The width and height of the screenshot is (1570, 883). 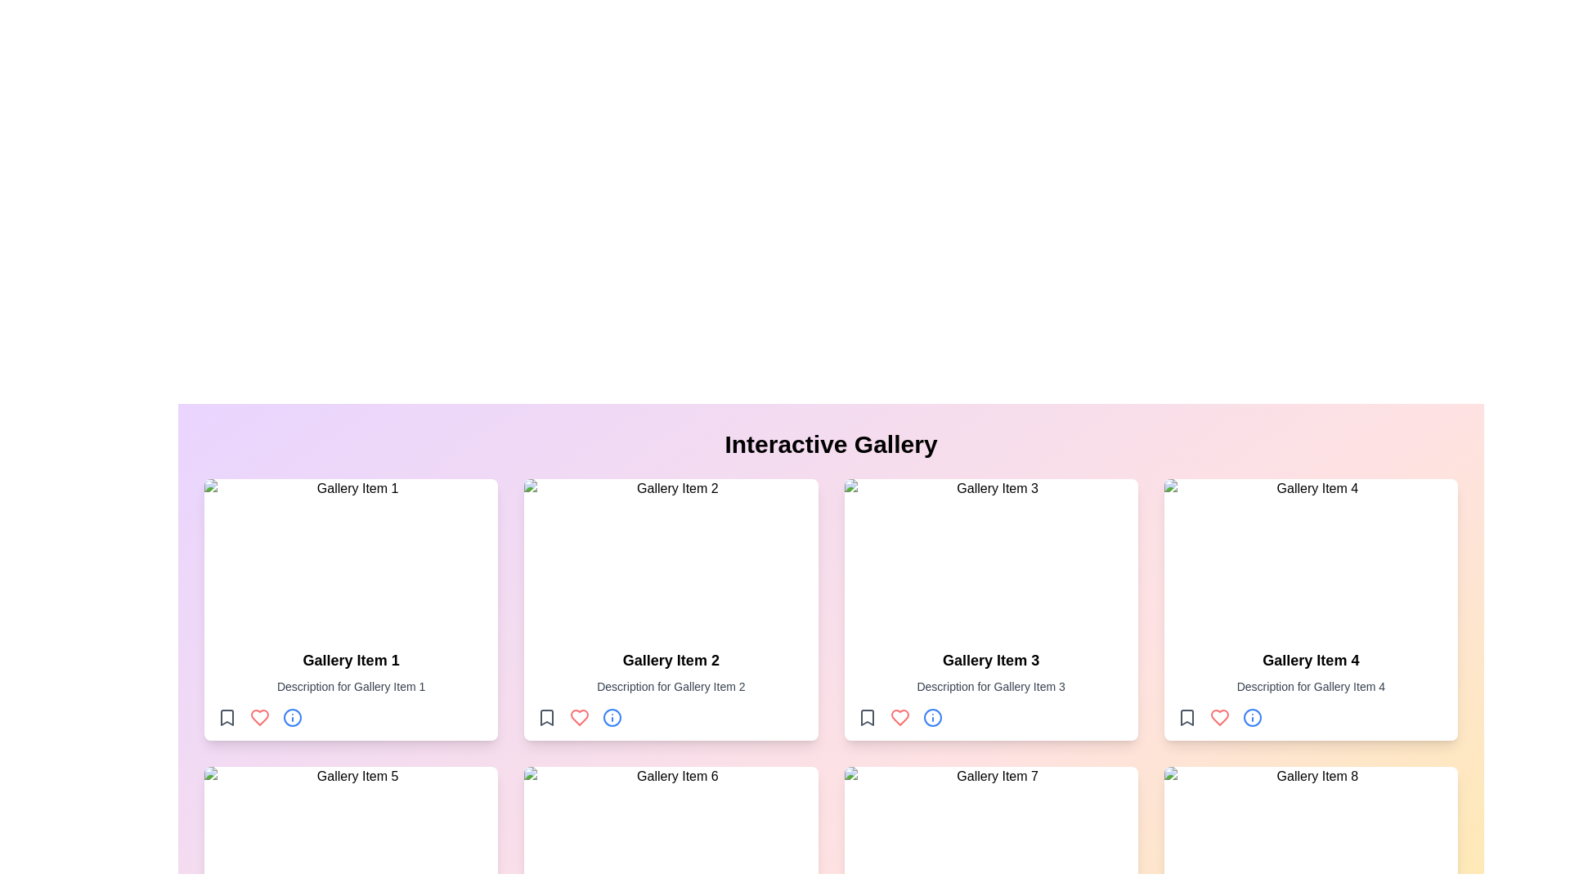 What do you see at coordinates (1219, 717) in the screenshot?
I see `the heart-shaped icon outlined in red, located beneath the description text of 'Gallery Item 4'` at bounding box center [1219, 717].